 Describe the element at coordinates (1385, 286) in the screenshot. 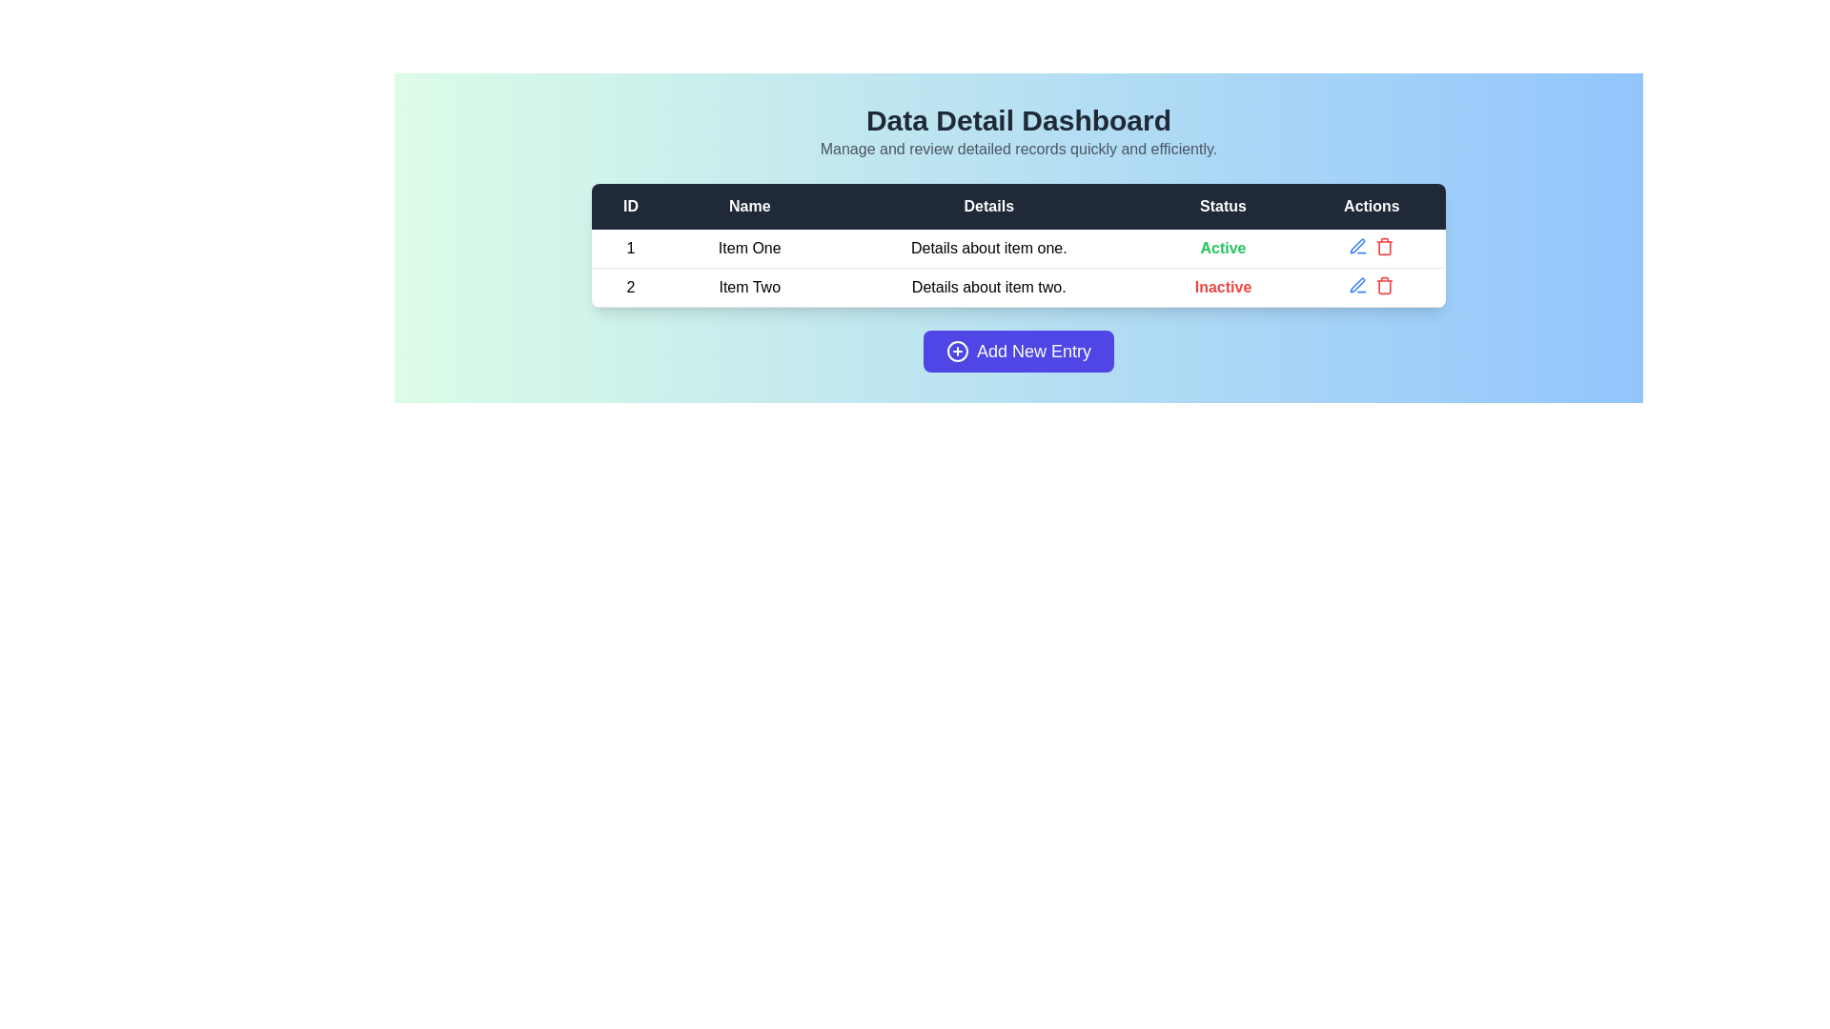

I see `the delete button in the second row of the data table under the 'Actions' column` at that location.